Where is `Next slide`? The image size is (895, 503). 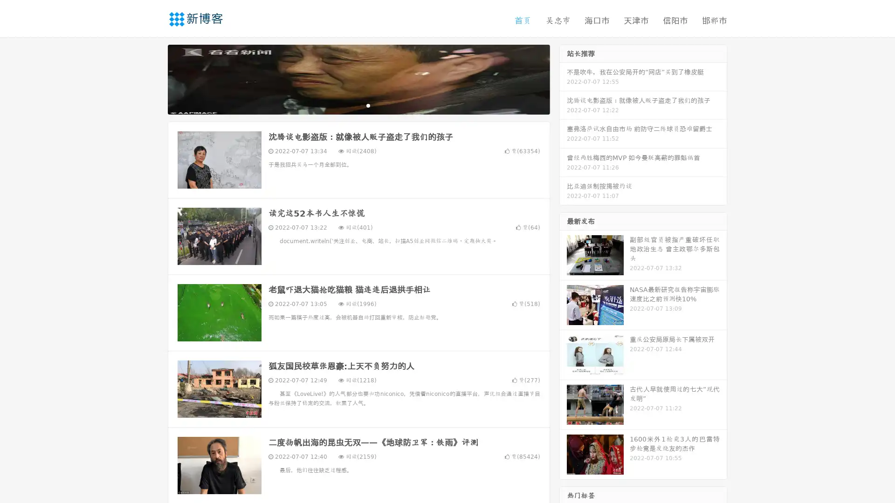
Next slide is located at coordinates (563, 78).